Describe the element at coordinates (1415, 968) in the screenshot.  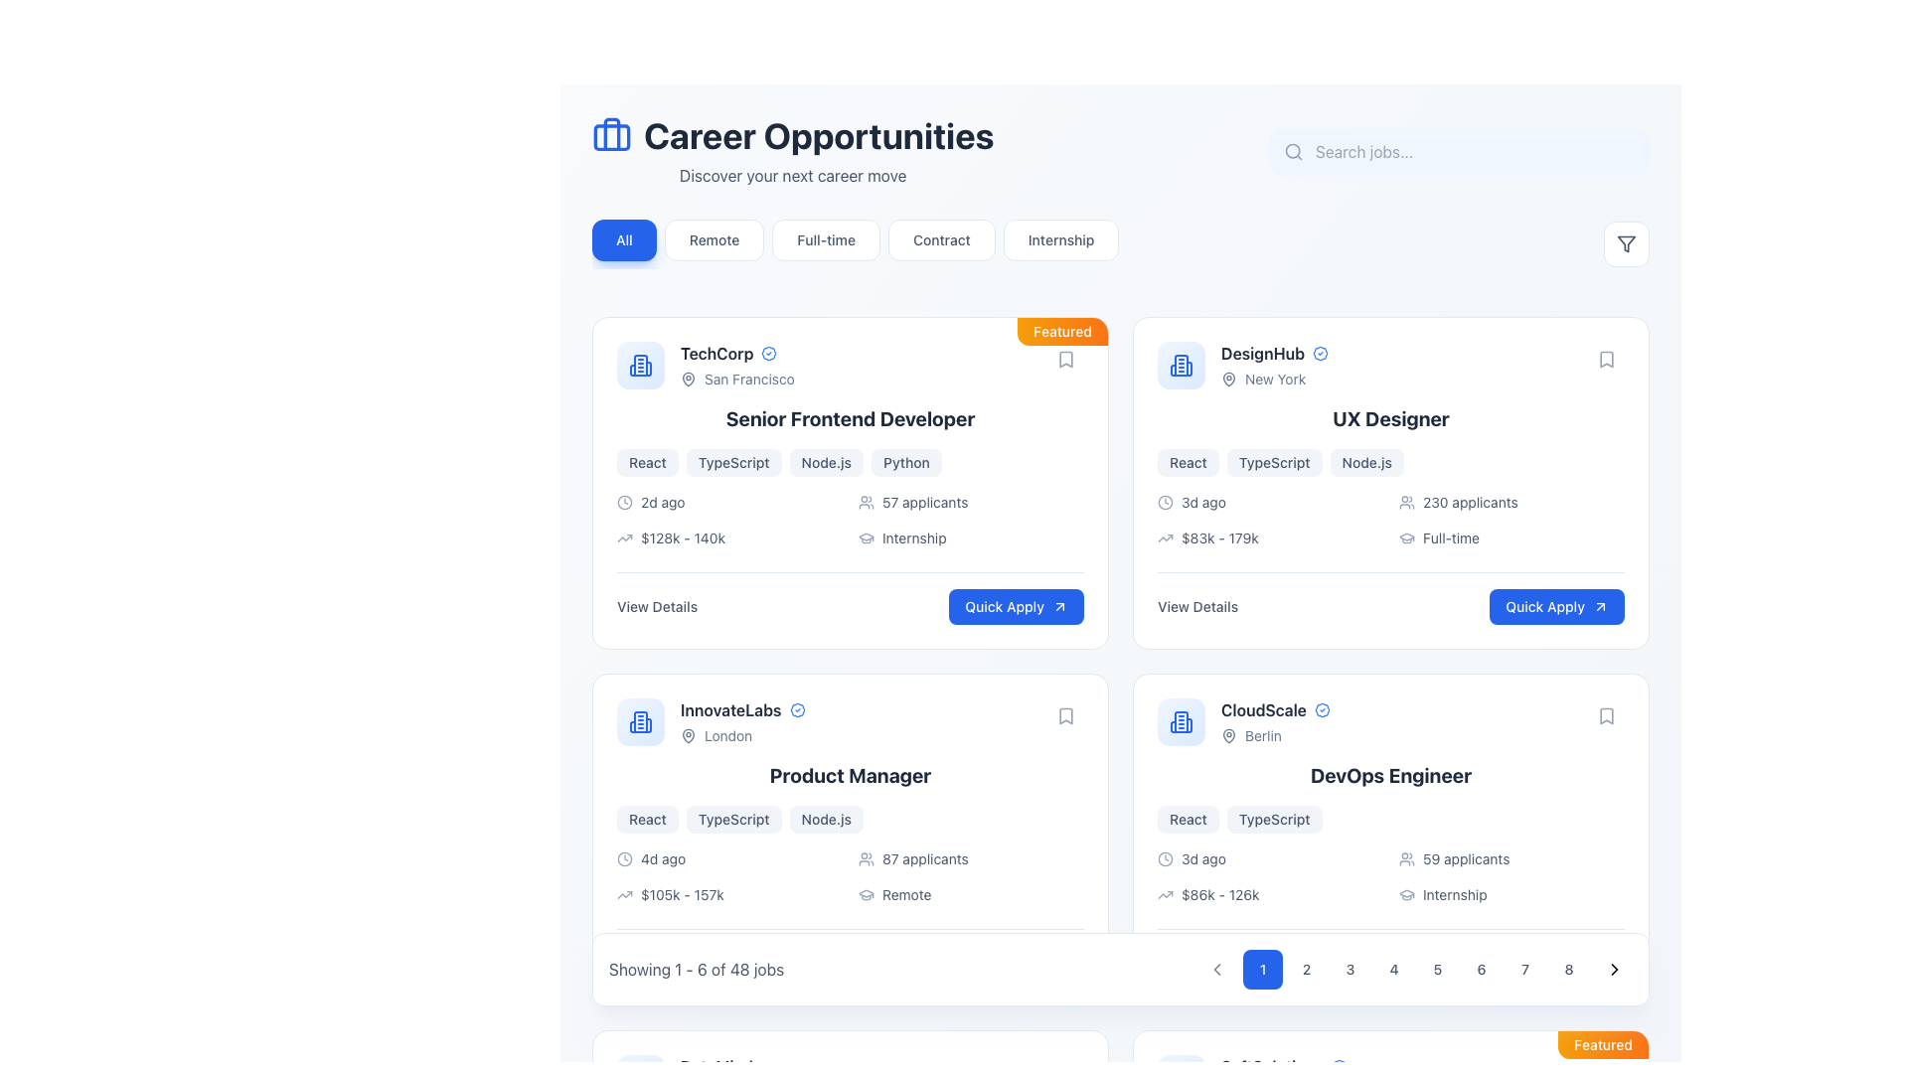
I see `the numeric button displaying '5' in the pagination bar` at that location.